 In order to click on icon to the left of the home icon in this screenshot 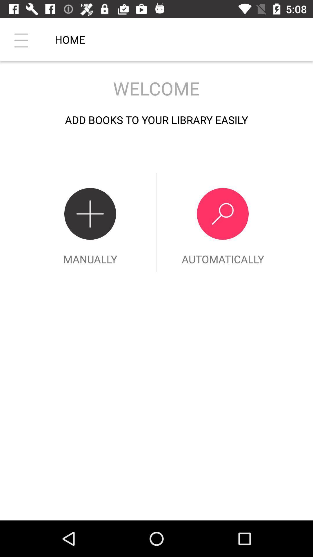, I will do `click(21, 39)`.